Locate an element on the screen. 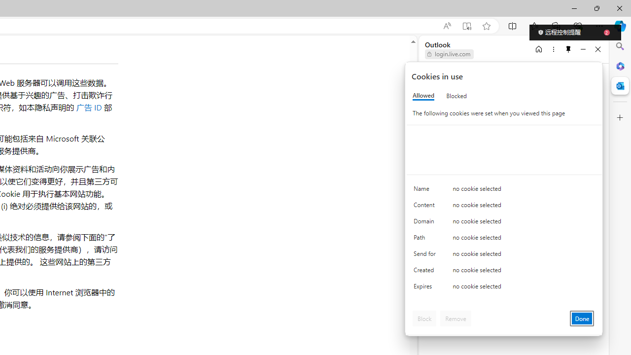 The image size is (631, 355). 'Done' is located at coordinates (582, 318).